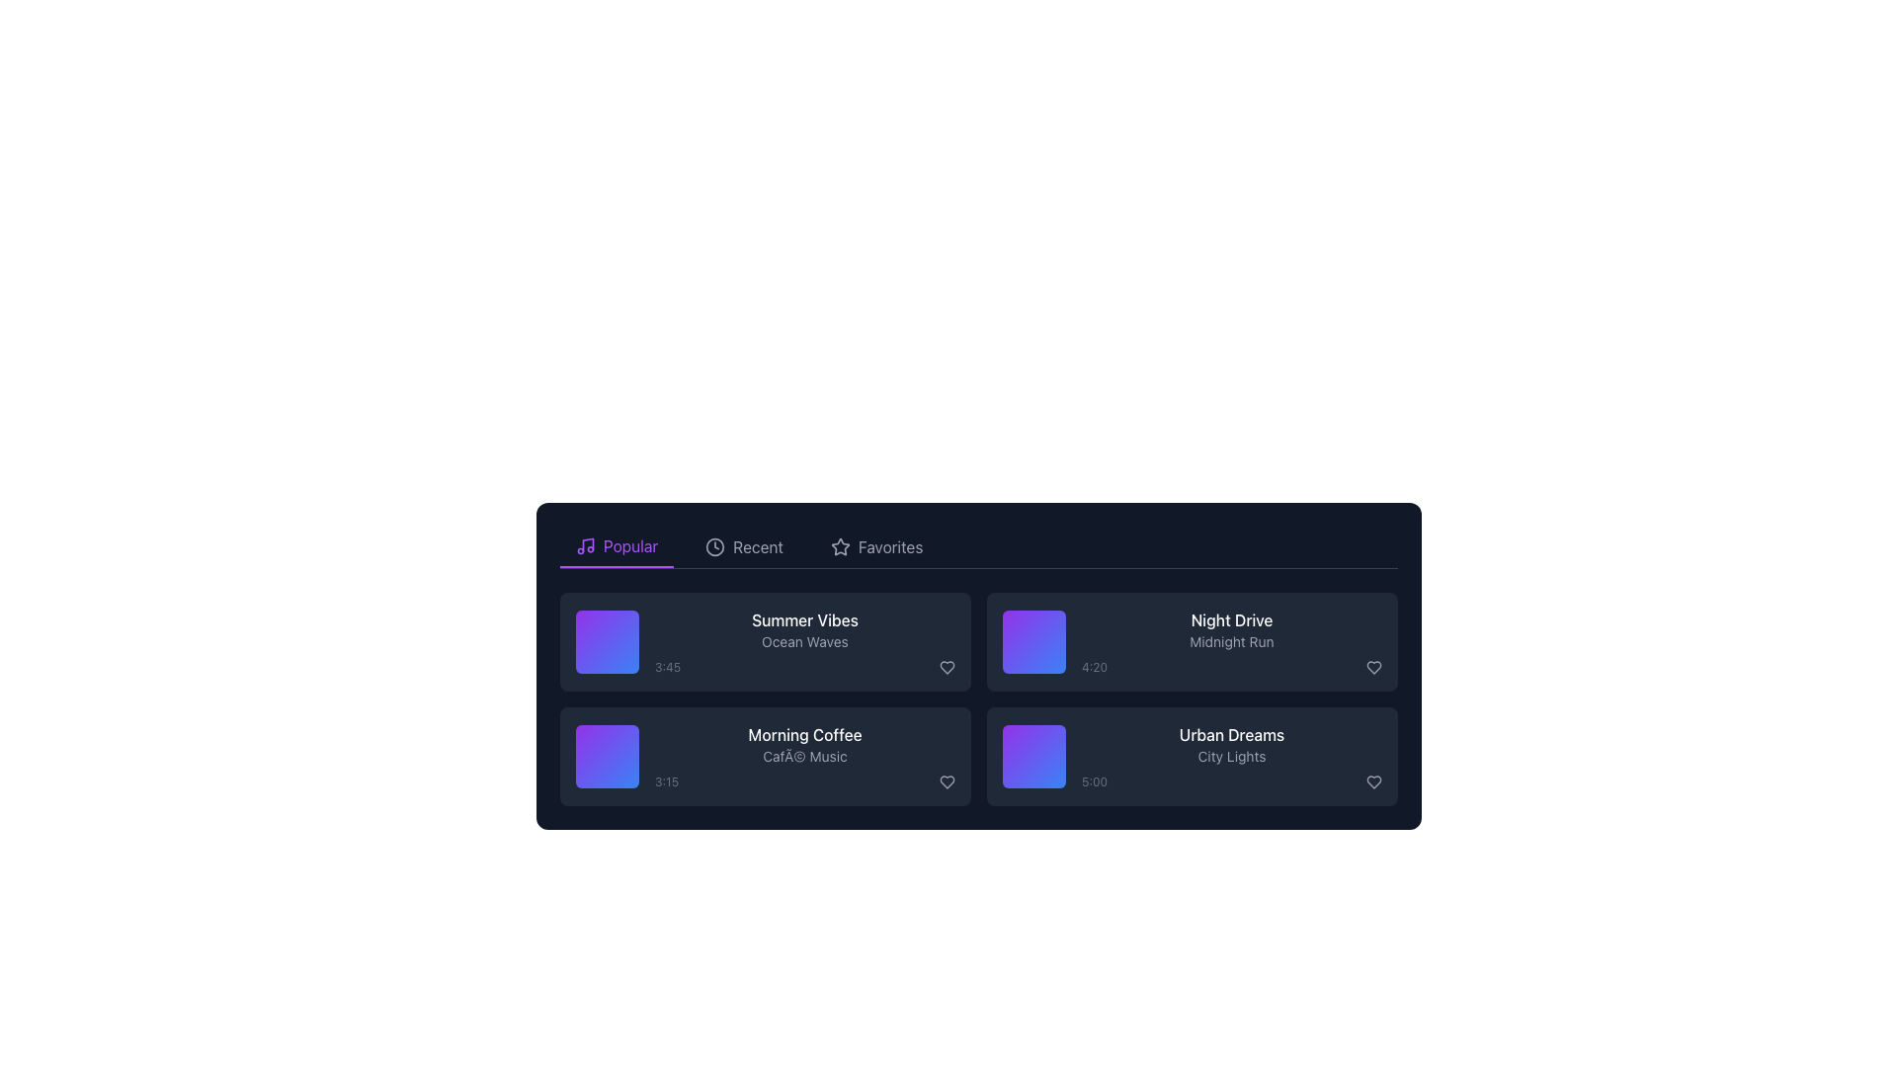  What do you see at coordinates (805, 619) in the screenshot?
I see `the 'Summer Vibes' text label, which is displayed in a white medium-sized font at the top of a music item, above the subtitle 'Ocean Waves'` at bounding box center [805, 619].